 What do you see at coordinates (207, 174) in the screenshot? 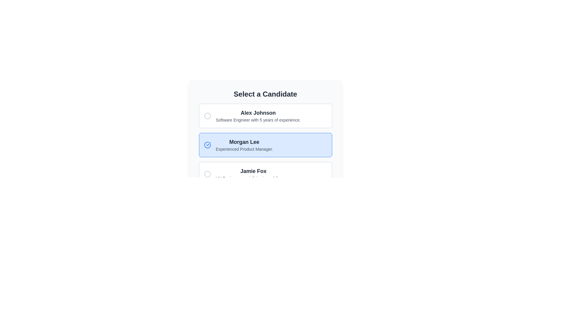
I see `the unselected candidate selection indicator icon (circle) located` at bounding box center [207, 174].